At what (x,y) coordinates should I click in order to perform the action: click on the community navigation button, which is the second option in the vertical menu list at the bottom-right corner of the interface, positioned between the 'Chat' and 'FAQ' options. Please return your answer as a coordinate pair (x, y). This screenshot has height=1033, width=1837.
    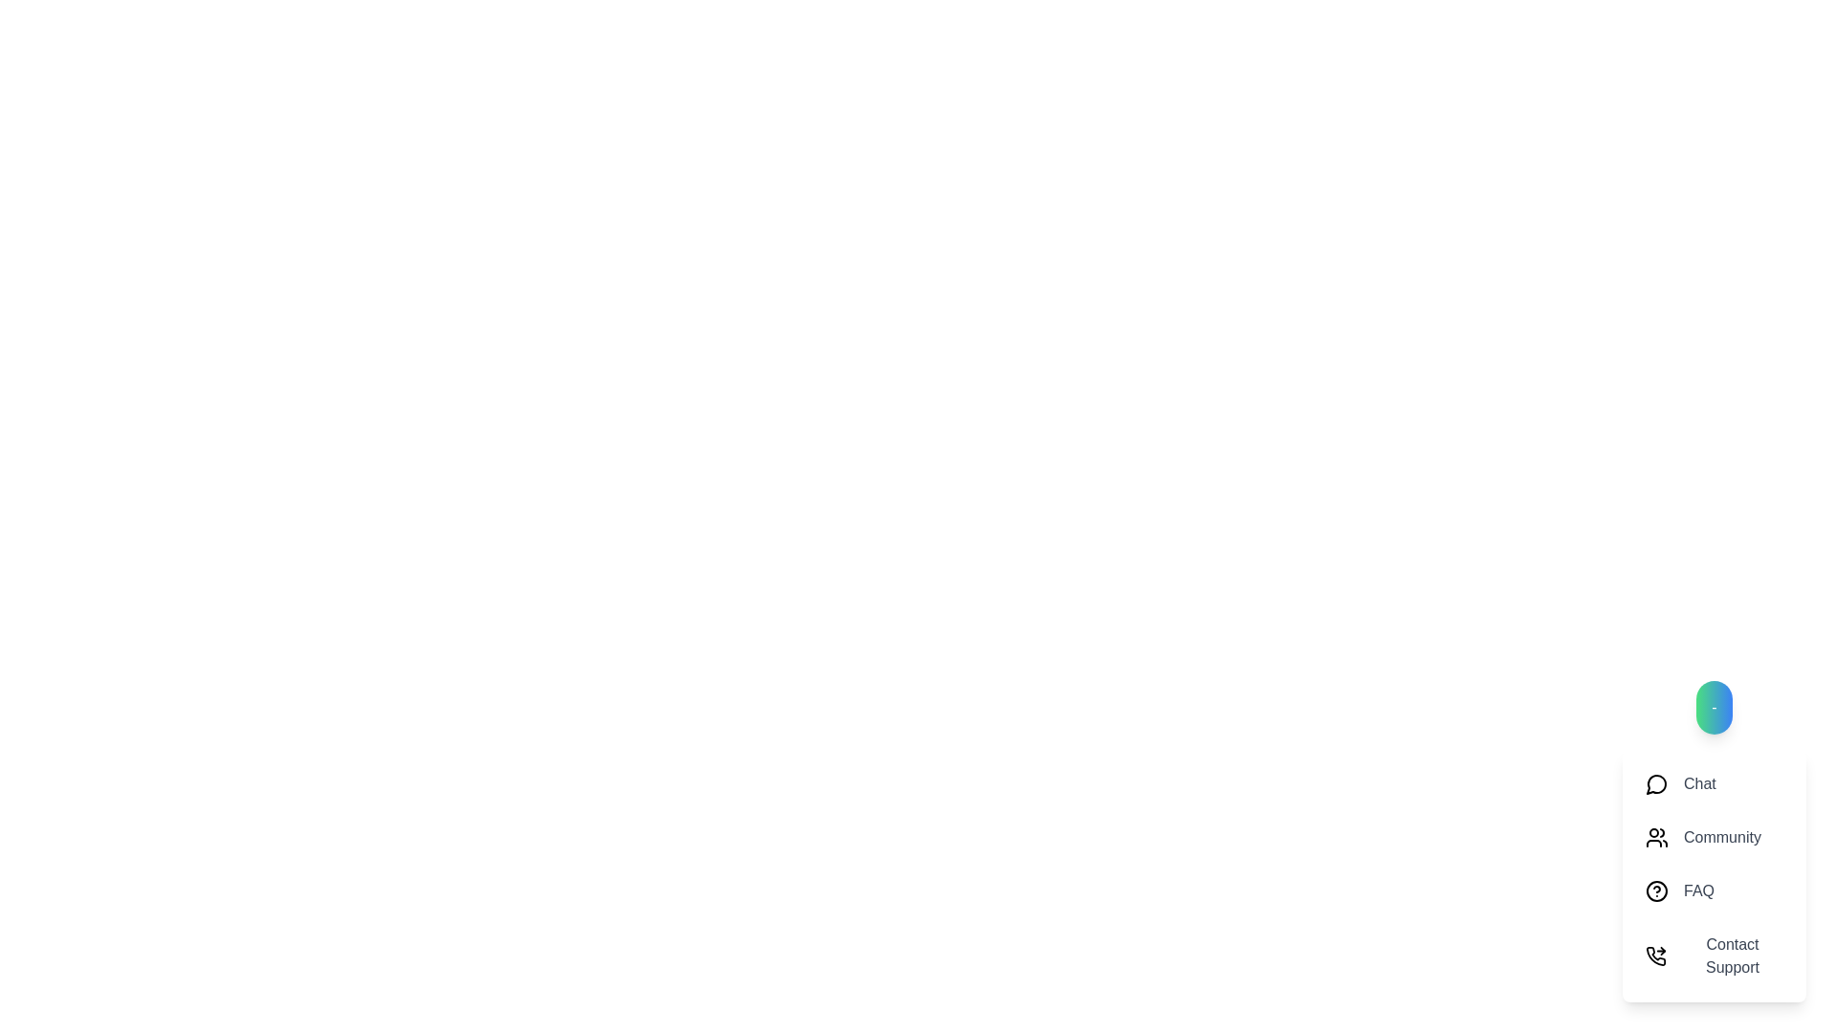
    Looking at the image, I should click on (1714, 840).